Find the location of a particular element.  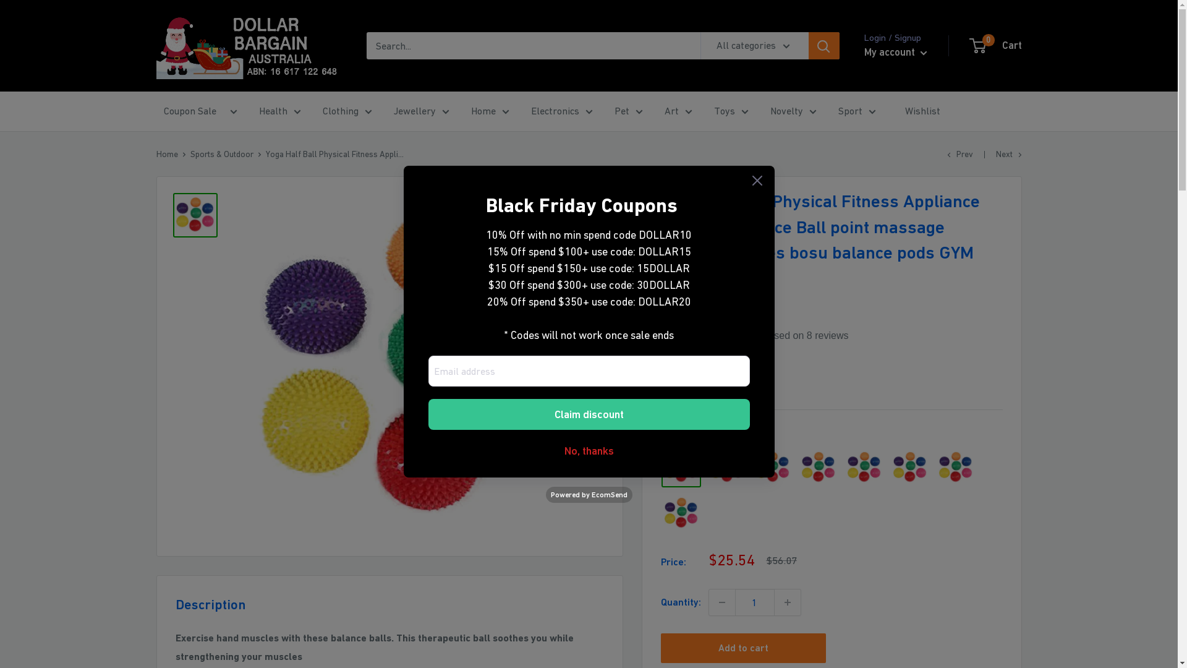

'Novelty' is located at coordinates (793, 111).